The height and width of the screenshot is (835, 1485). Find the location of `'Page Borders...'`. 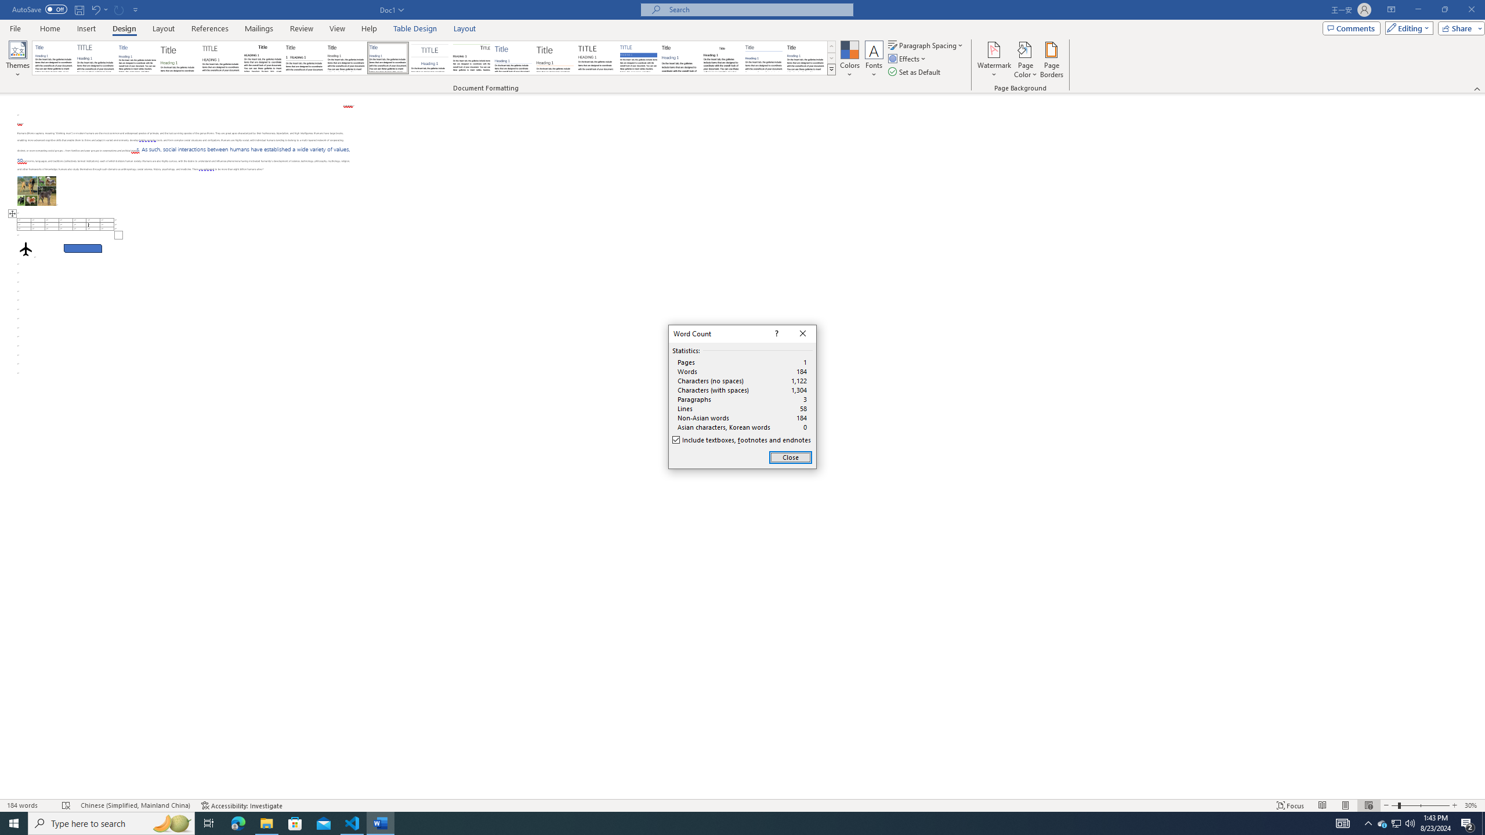

'Page Borders...' is located at coordinates (1052, 60).